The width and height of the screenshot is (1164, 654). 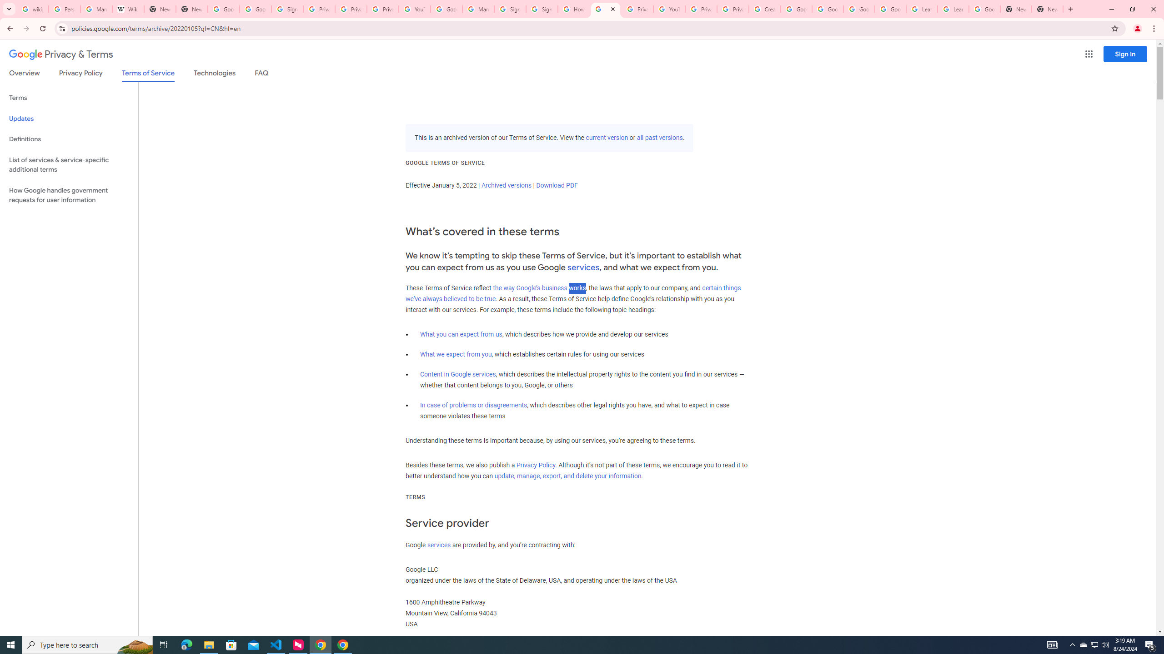 What do you see at coordinates (510, 9) in the screenshot?
I see `'Sign in - Google Accounts'` at bounding box center [510, 9].